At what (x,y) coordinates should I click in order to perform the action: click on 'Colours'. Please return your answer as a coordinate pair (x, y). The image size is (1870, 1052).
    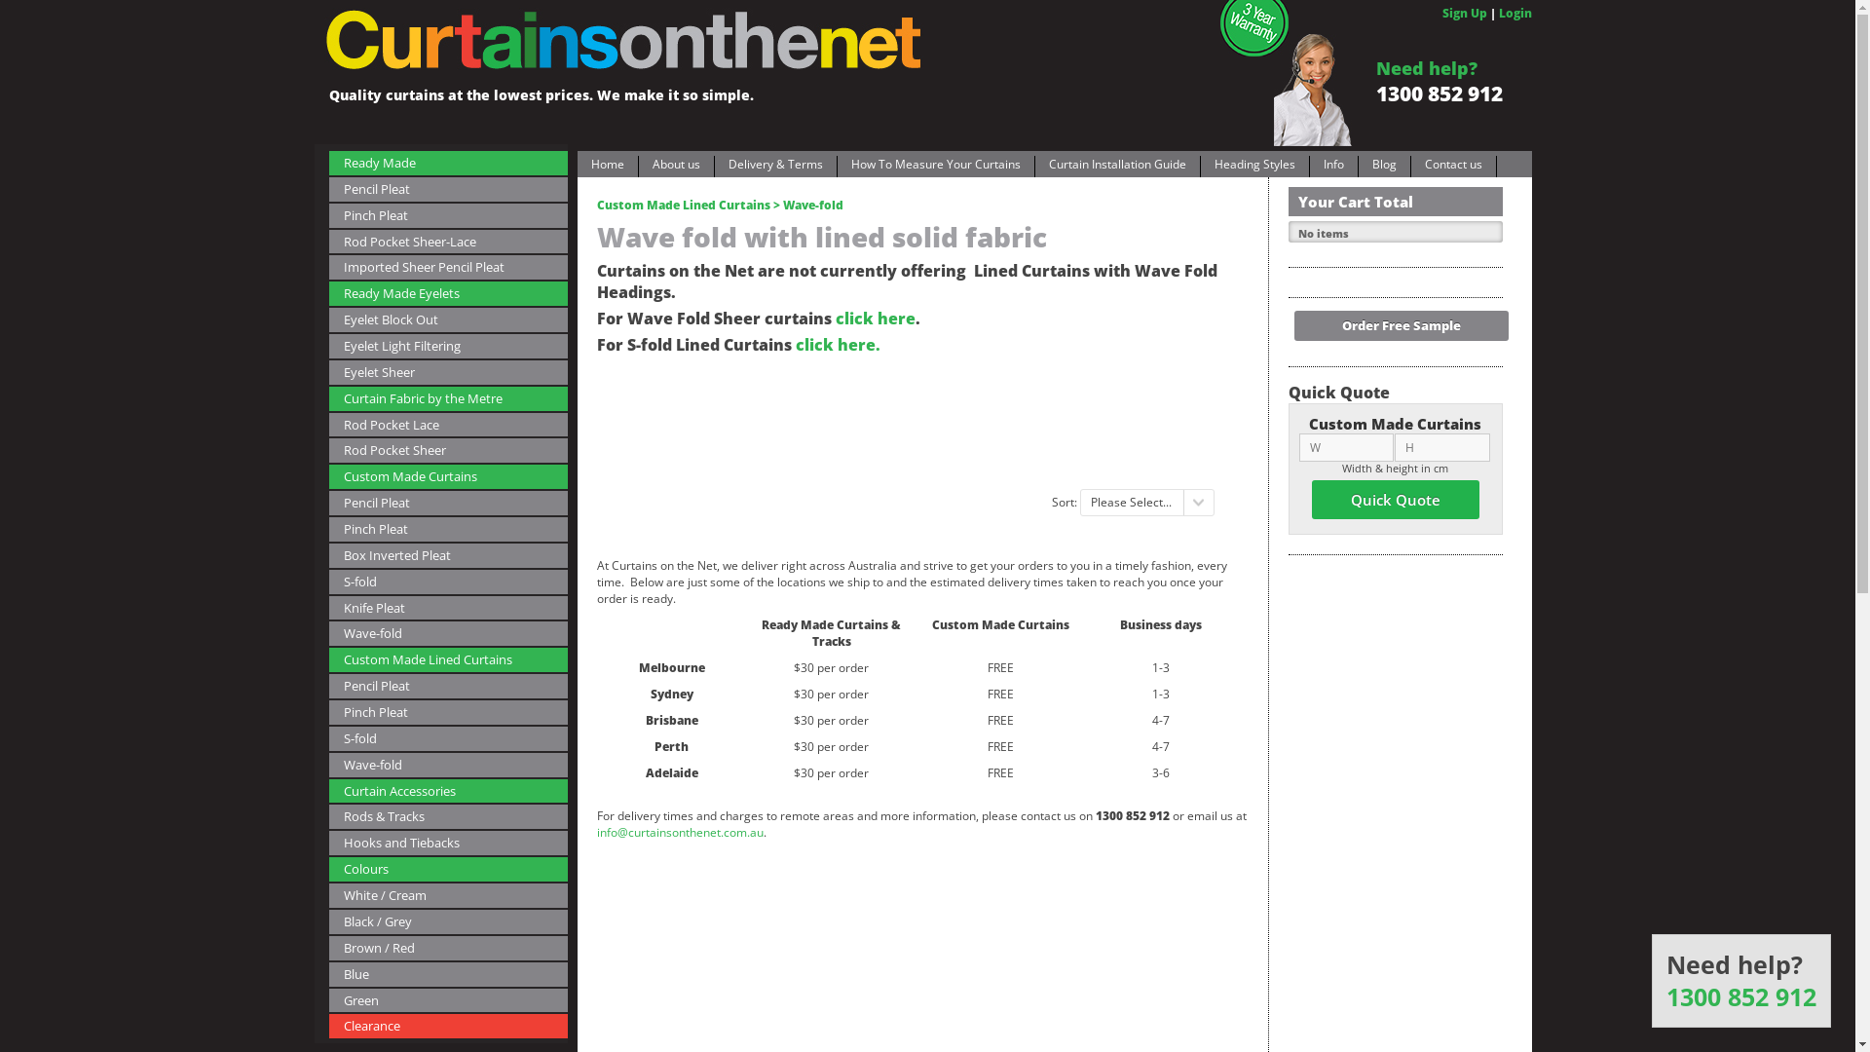
    Looking at the image, I should click on (328, 868).